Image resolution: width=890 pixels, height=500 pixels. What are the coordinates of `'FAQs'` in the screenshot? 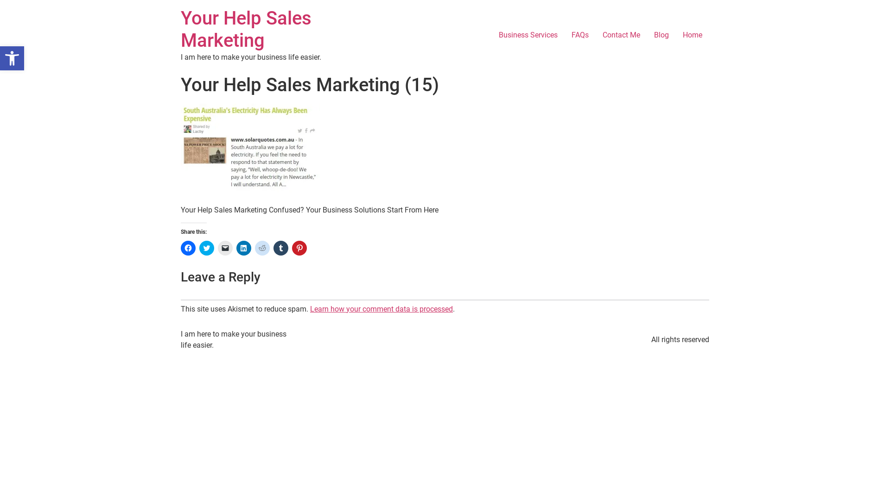 It's located at (579, 35).